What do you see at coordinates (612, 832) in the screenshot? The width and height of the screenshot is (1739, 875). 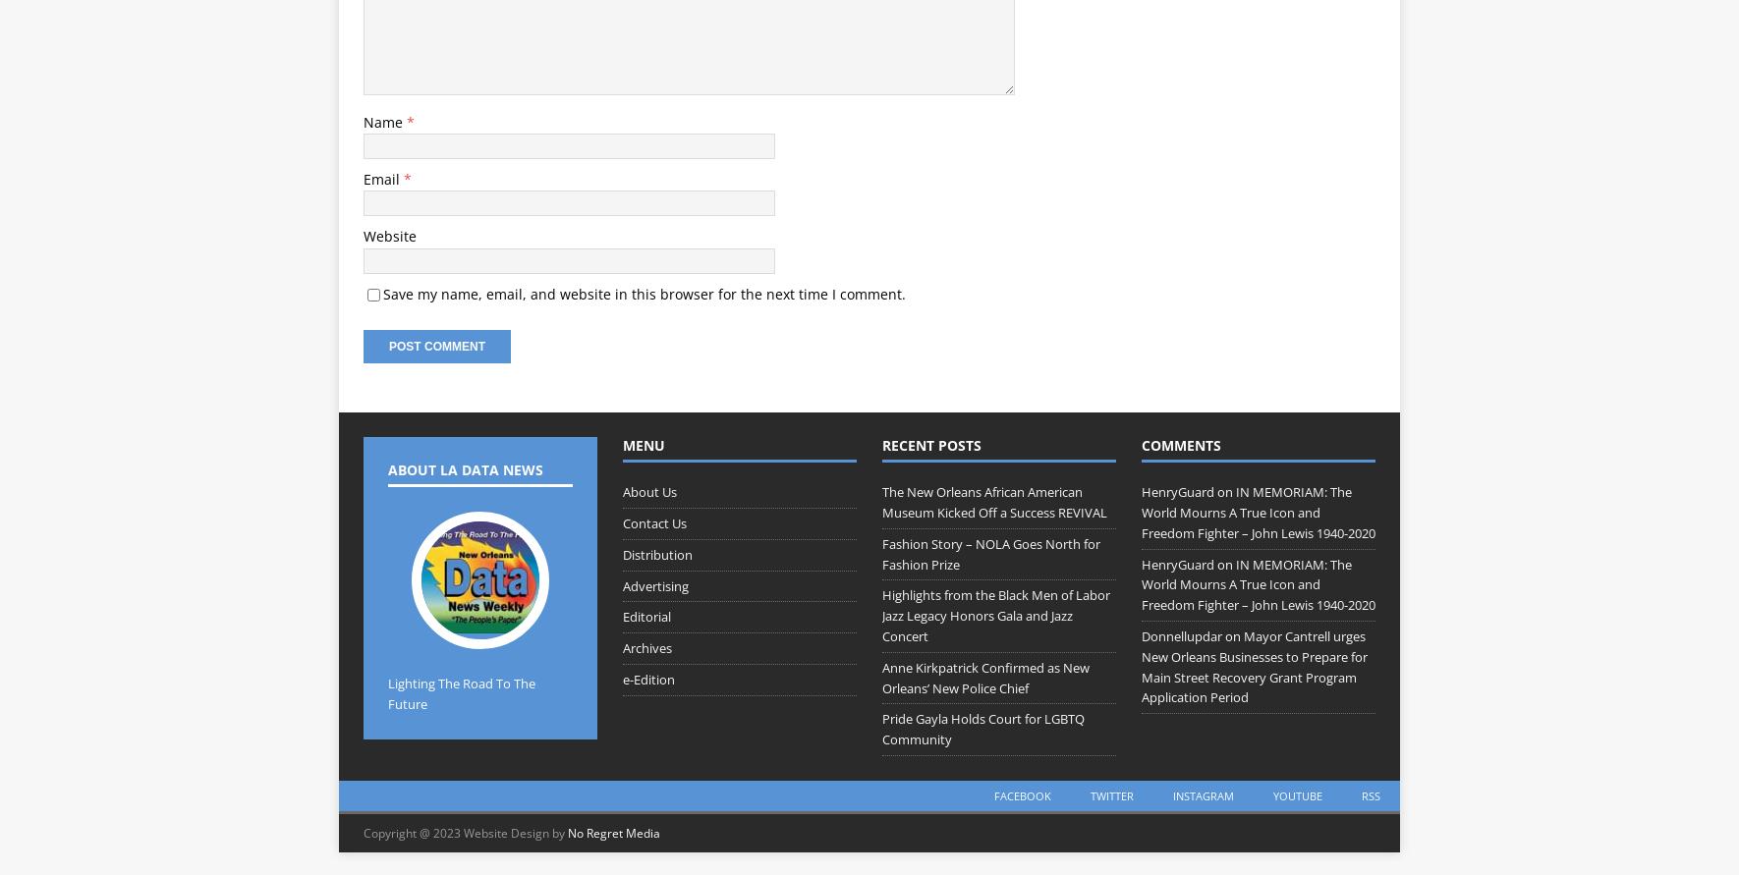 I see `'No Regret Media'` at bounding box center [612, 832].